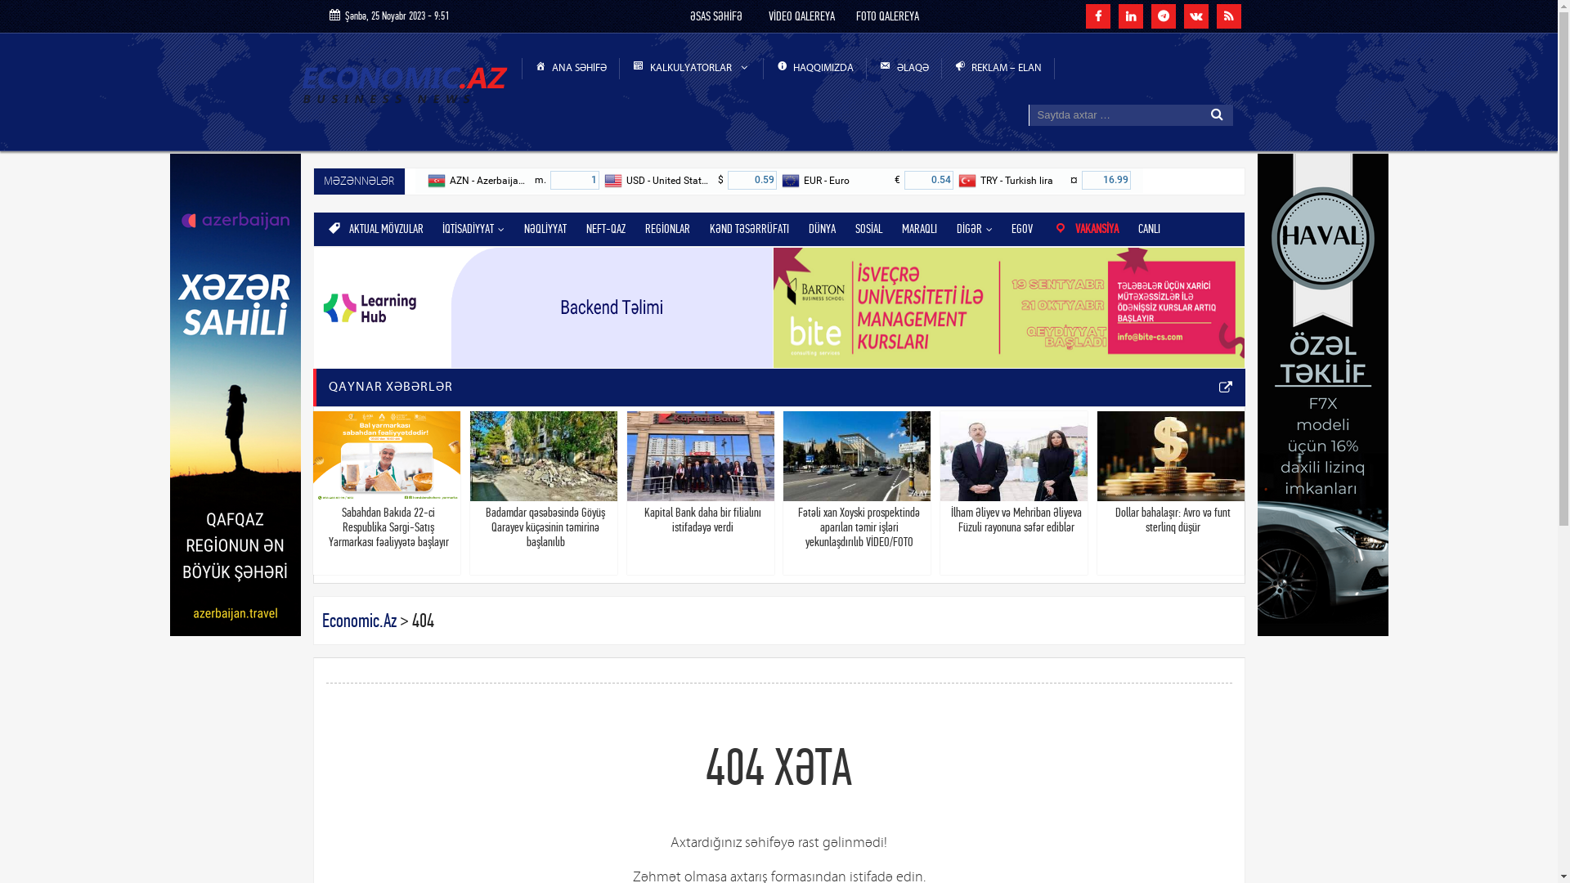  What do you see at coordinates (612, 180) in the screenshot?
I see `'United States dollar'` at bounding box center [612, 180].